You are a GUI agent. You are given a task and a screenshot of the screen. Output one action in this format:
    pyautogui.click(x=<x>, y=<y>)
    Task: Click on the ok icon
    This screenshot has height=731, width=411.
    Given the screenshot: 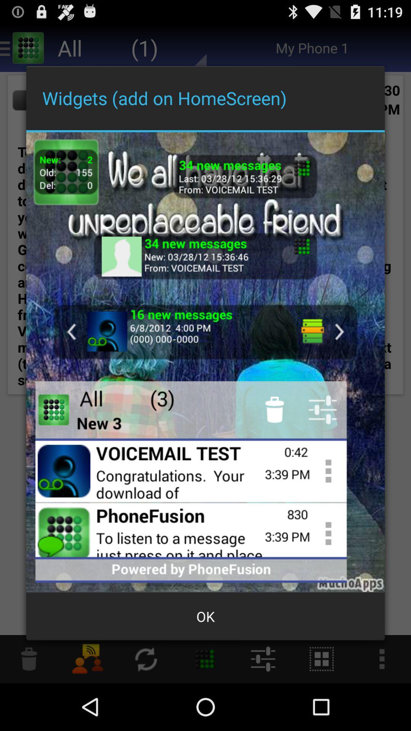 What is the action you would take?
    pyautogui.click(x=205, y=616)
    